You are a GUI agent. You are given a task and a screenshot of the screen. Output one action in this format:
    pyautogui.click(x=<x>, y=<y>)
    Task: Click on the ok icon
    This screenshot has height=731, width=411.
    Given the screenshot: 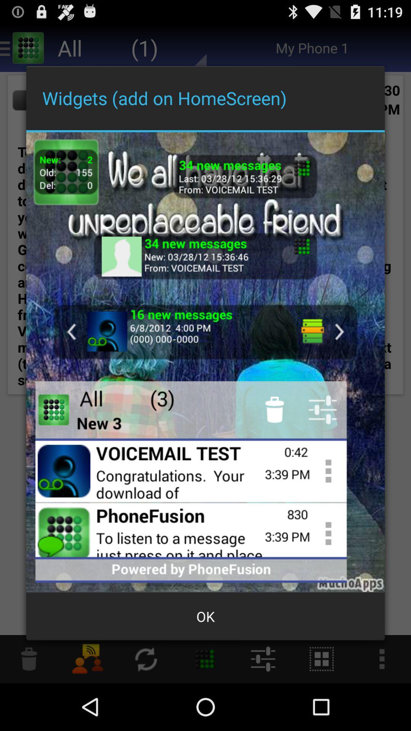 What is the action you would take?
    pyautogui.click(x=205, y=616)
    